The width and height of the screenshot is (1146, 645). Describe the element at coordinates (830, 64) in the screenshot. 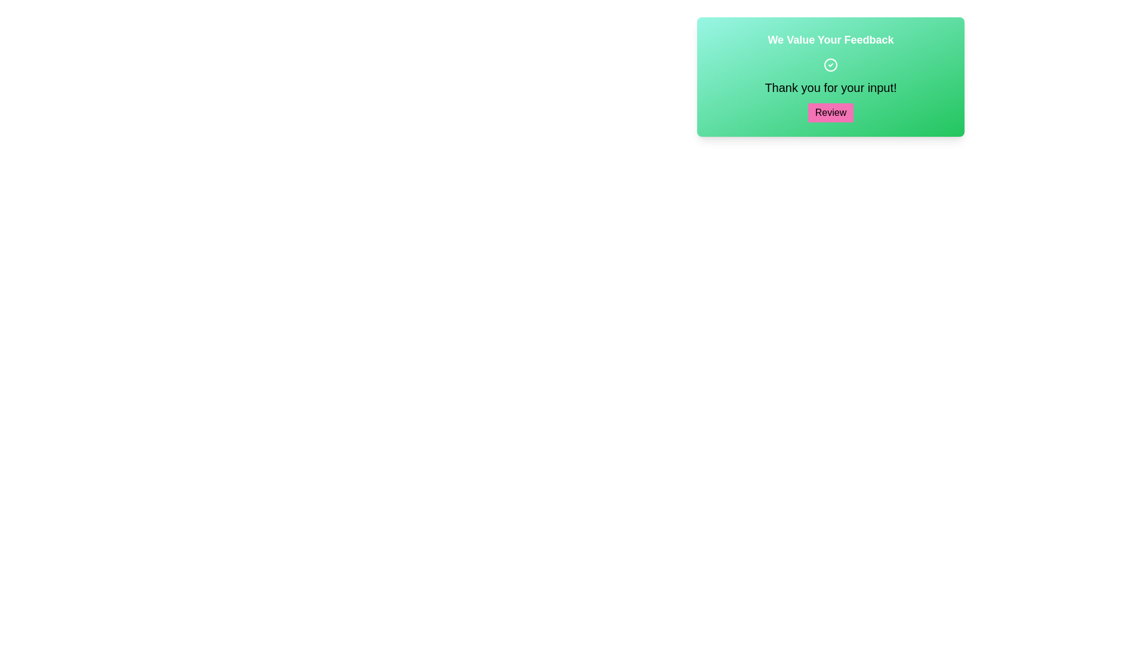

I see `the circle element in the SVG graphic, which serves as the base shape of a checkmark icon in the feedback modal` at that location.